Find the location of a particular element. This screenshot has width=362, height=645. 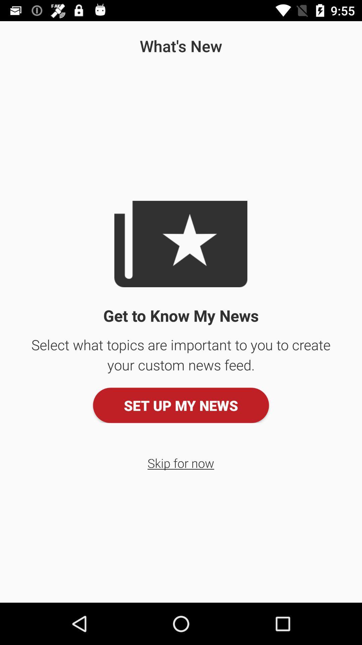

button below set up my icon is located at coordinates (180, 463).